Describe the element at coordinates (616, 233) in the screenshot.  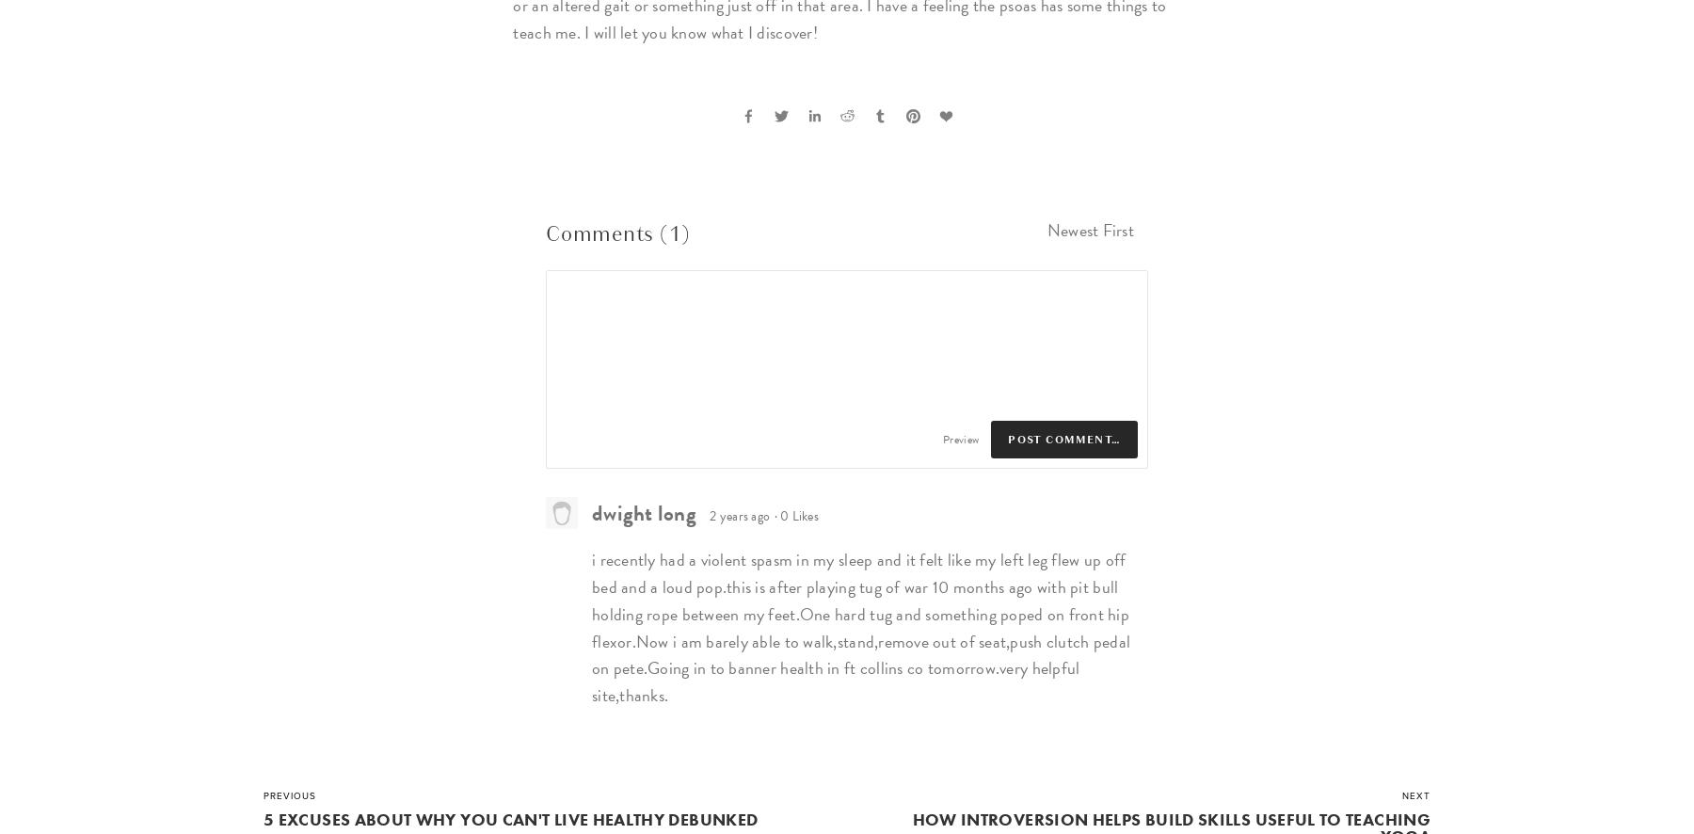
I see `'Comments (1)'` at that location.